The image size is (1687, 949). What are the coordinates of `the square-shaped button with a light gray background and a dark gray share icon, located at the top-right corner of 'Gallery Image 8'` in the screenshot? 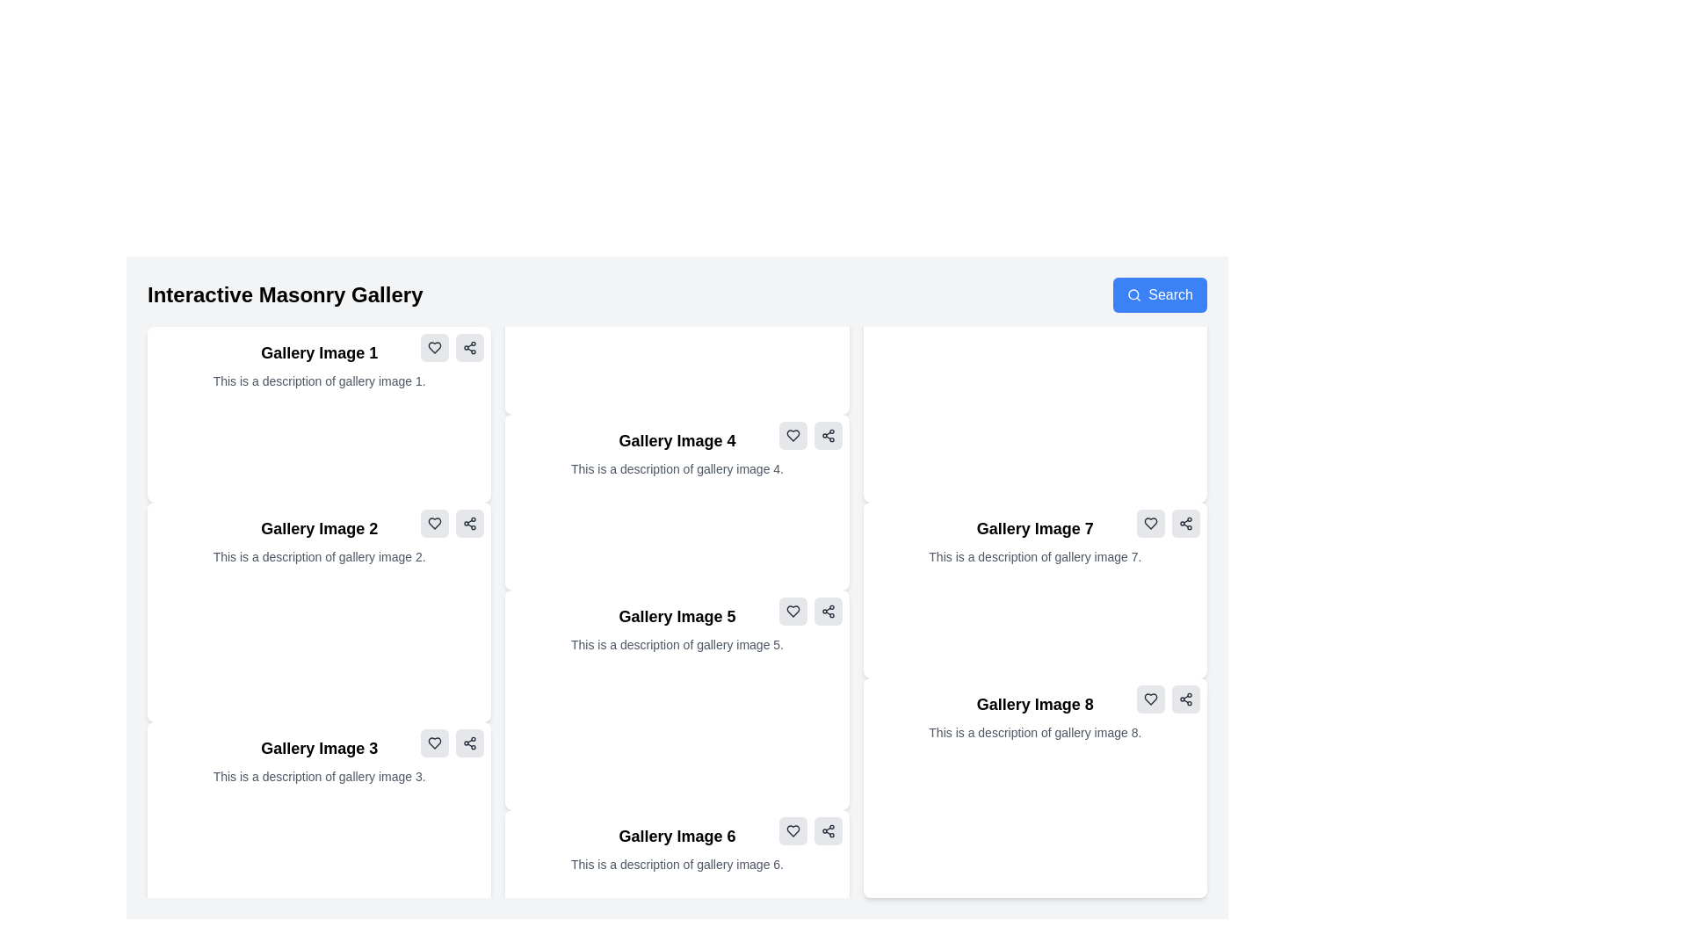 It's located at (1185, 698).